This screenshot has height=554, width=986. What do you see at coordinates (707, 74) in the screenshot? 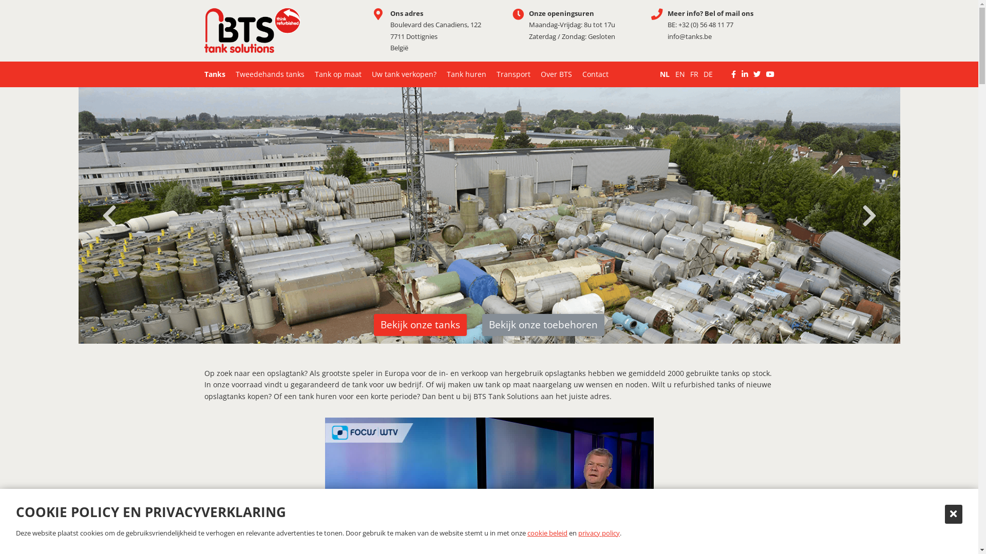
I see `'DE'` at bounding box center [707, 74].